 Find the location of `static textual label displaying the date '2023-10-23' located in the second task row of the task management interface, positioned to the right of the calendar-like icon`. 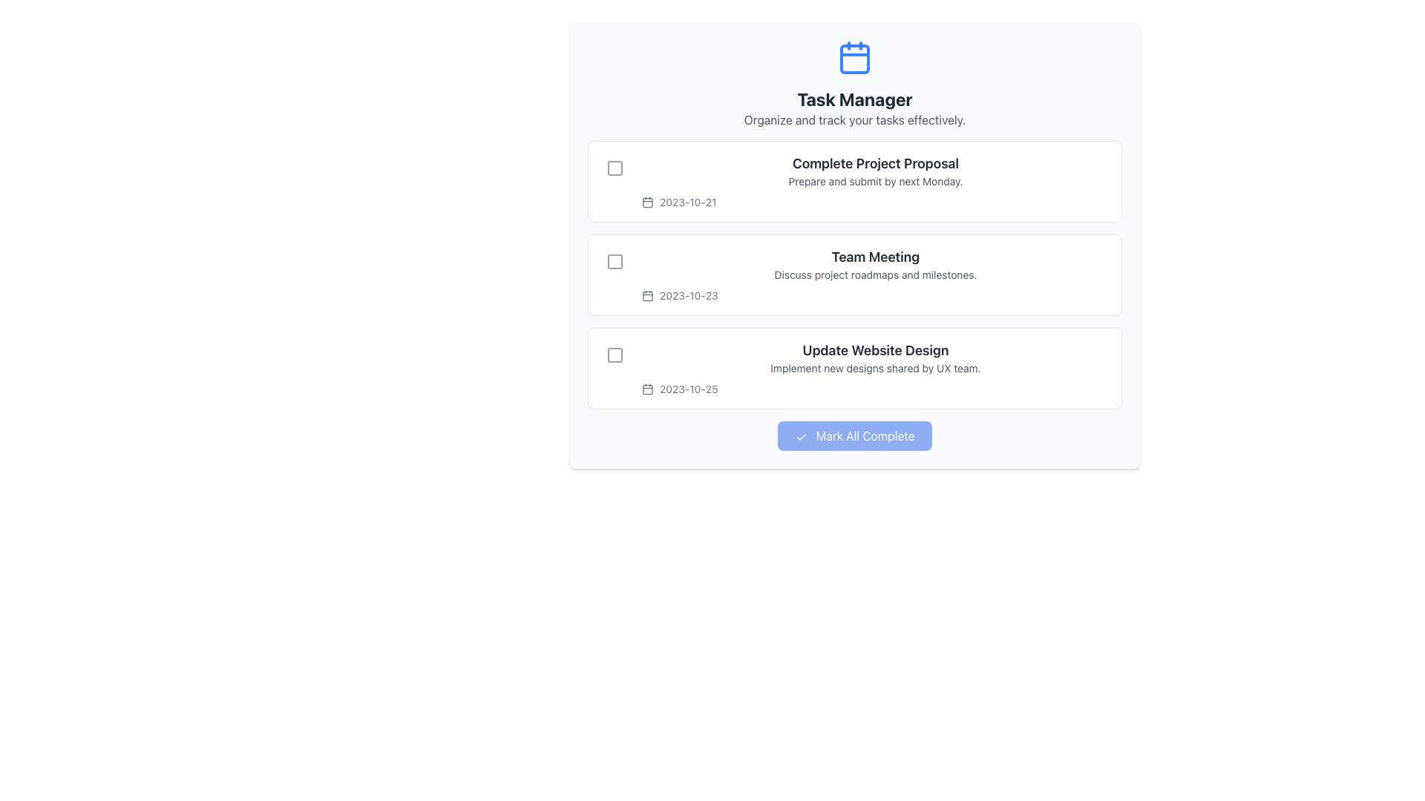

static textual label displaying the date '2023-10-23' located in the second task row of the task management interface, positioned to the right of the calendar-like icon is located at coordinates (688, 295).